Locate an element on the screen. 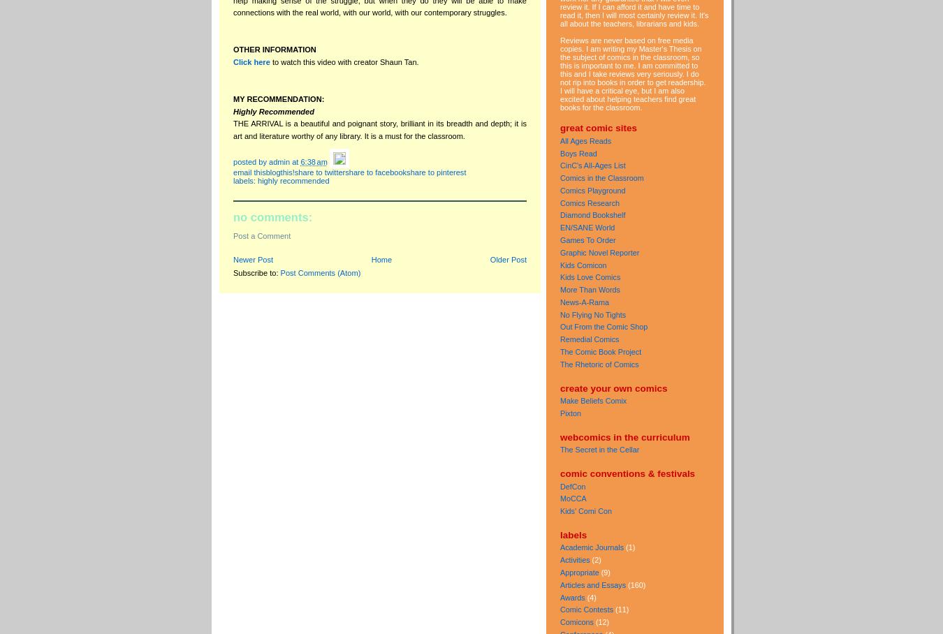  'Comicons' is located at coordinates (576, 622).